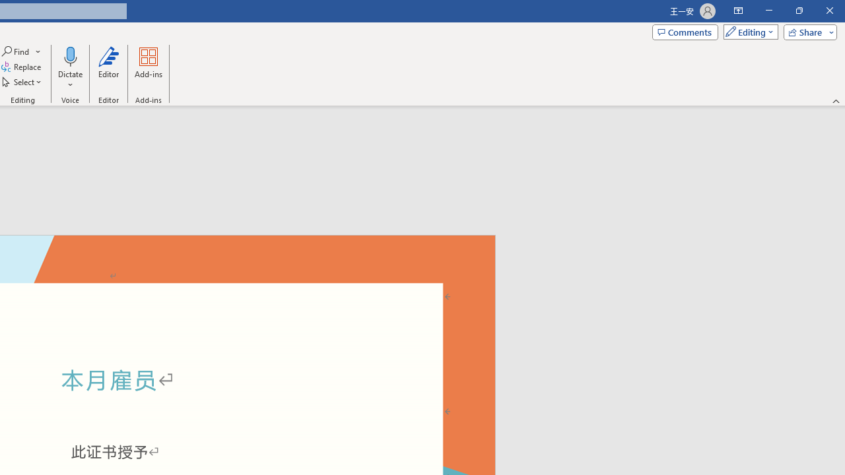 This screenshot has width=845, height=475. What do you see at coordinates (69, 68) in the screenshot?
I see `'Dictate'` at bounding box center [69, 68].